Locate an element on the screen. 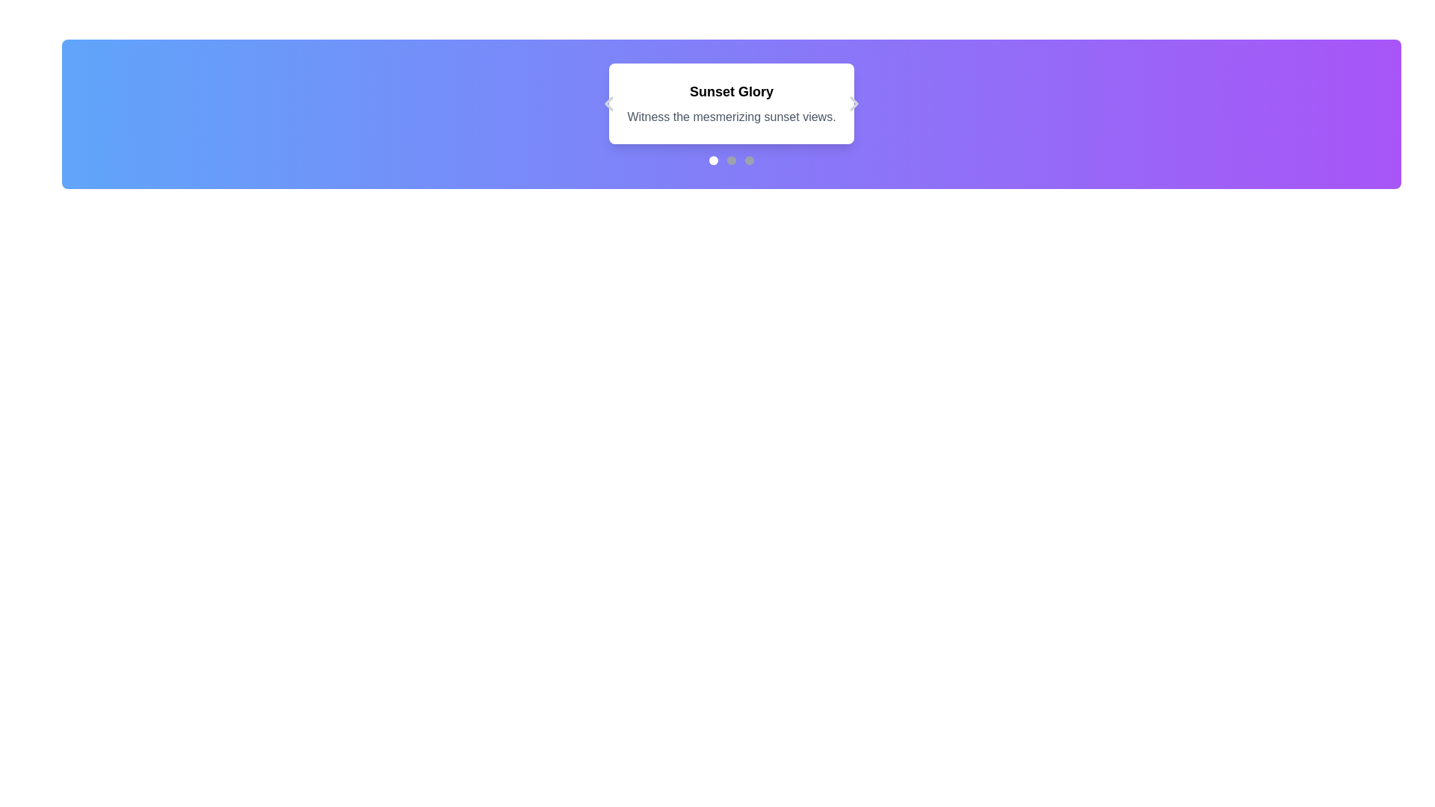  the leftward-pointing chevron arrow icon located to the left of the 'Sunset Glory' title and description text is located at coordinates (609, 102).